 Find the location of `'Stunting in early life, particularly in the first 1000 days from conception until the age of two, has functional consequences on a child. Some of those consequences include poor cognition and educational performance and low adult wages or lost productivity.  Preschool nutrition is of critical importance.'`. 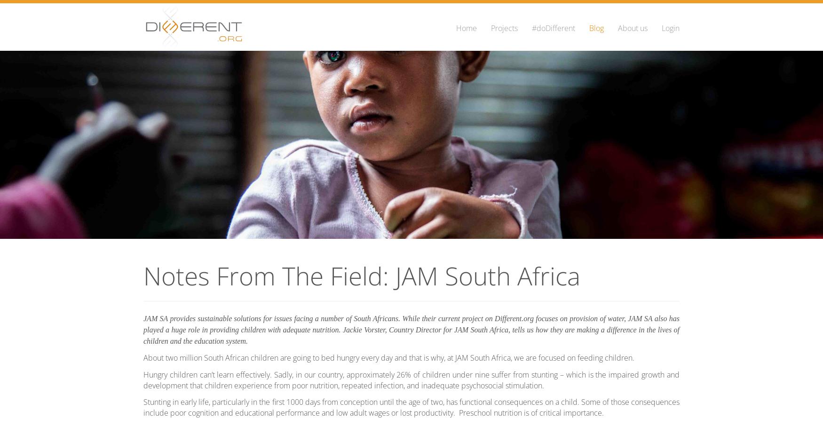

'Stunting in early life, particularly in the first 1000 days from conception until the age of two, has functional consequences on a child. Some of those consequences include poor cognition and educational performance and low adult wages or lost productivity.  Preschool nutrition is of critical importance.' is located at coordinates (143, 407).